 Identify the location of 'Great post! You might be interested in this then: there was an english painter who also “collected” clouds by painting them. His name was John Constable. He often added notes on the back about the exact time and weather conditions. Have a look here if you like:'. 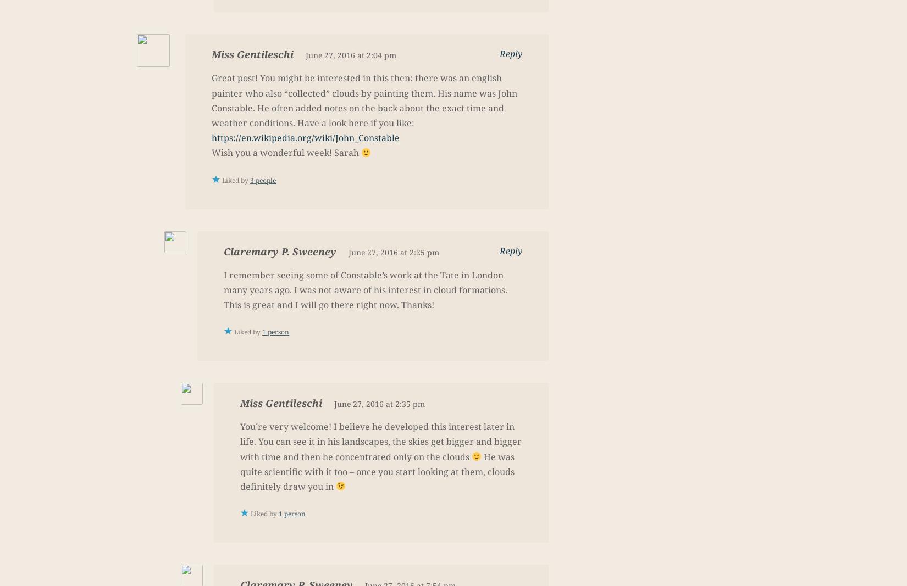
(211, 100).